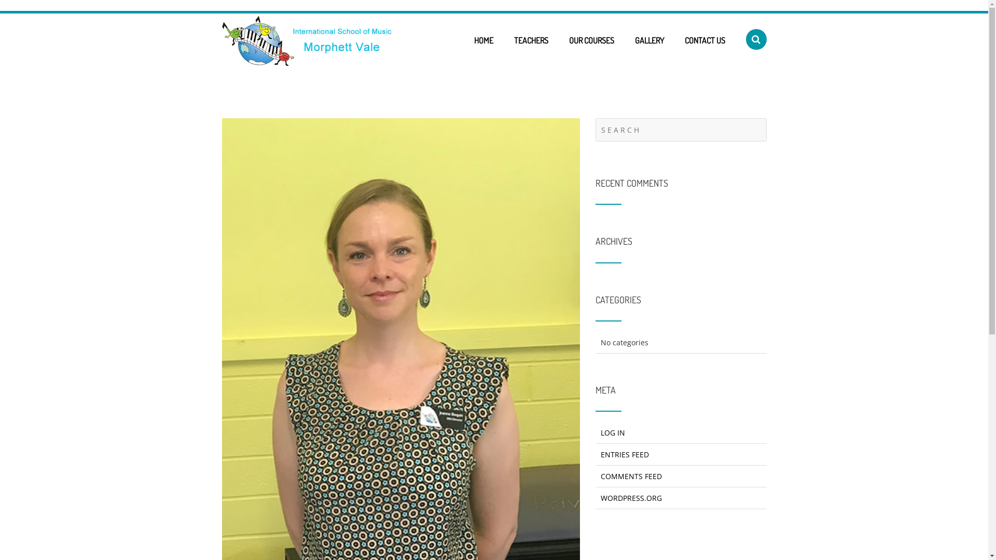 This screenshot has width=996, height=560. What do you see at coordinates (613, 432) in the screenshot?
I see `'LOG IN'` at bounding box center [613, 432].